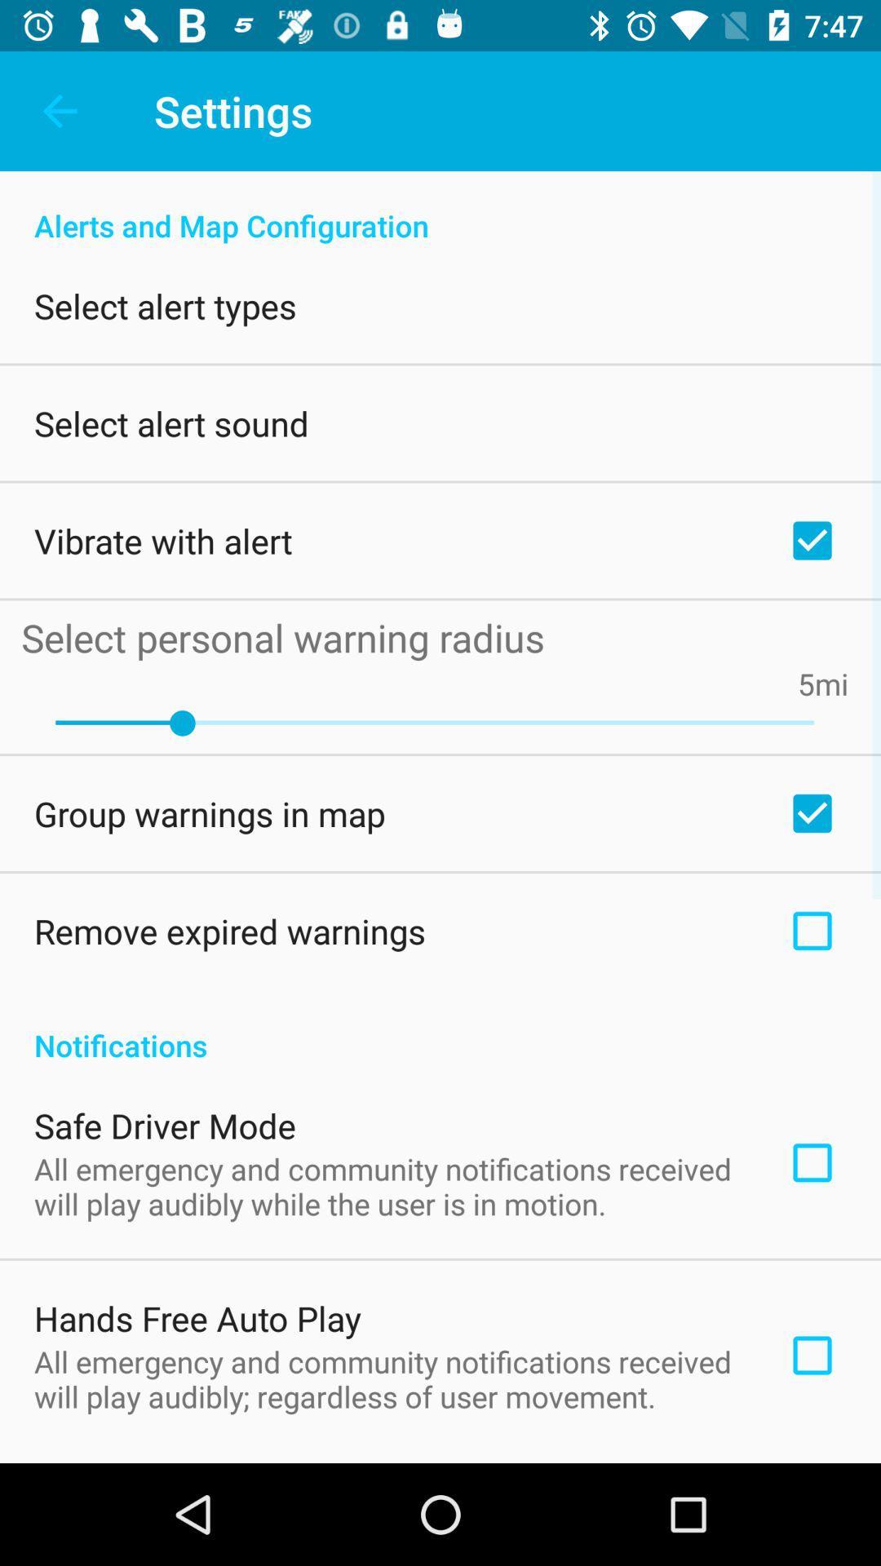  What do you see at coordinates (229, 931) in the screenshot?
I see `the remove expired warnings` at bounding box center [229, 931].